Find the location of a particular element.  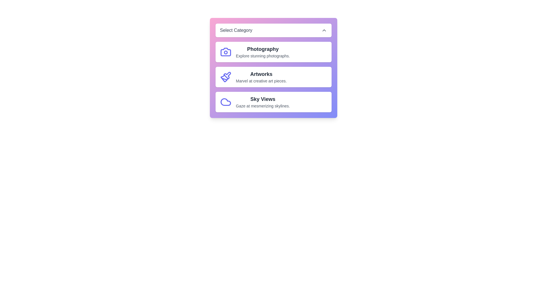

the top button to toggle the menu open or closed is located at coordinates (273, 30).